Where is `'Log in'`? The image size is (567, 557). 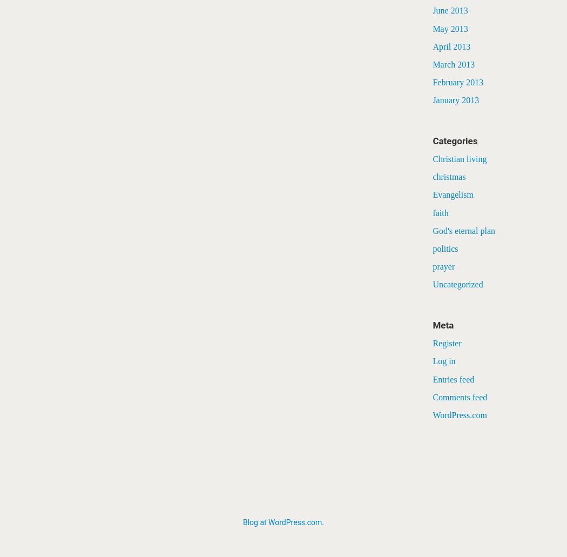
'Log in' is located at coordinates (443, 361).